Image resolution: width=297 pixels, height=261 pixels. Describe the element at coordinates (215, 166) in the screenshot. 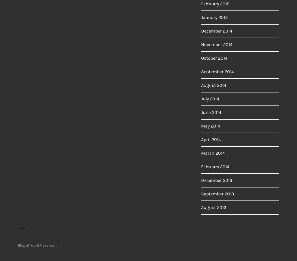

I see `'February 2014'` at that location.